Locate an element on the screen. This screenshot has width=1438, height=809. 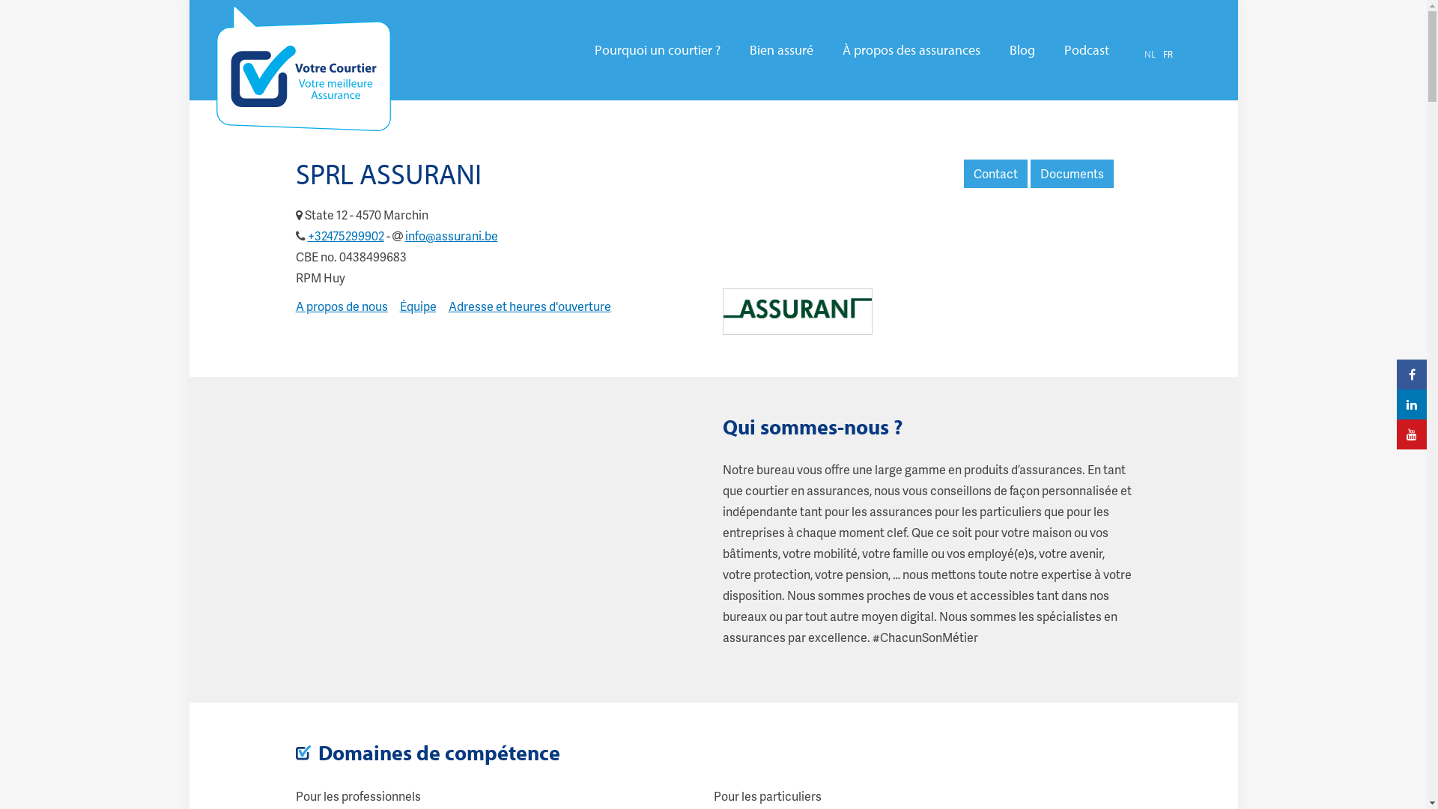
'Contact' is located at coordinates (995, 172).